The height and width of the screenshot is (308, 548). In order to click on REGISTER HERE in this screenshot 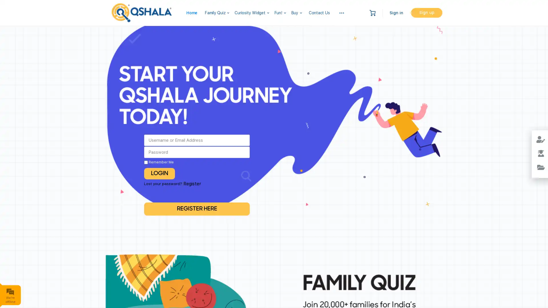, I will do `click(197, 209)`.